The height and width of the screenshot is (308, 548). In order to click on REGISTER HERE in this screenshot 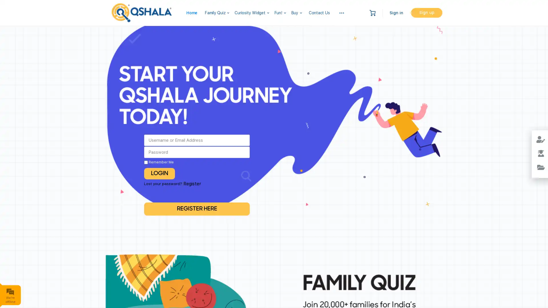, I will do `click(197, 209)`.